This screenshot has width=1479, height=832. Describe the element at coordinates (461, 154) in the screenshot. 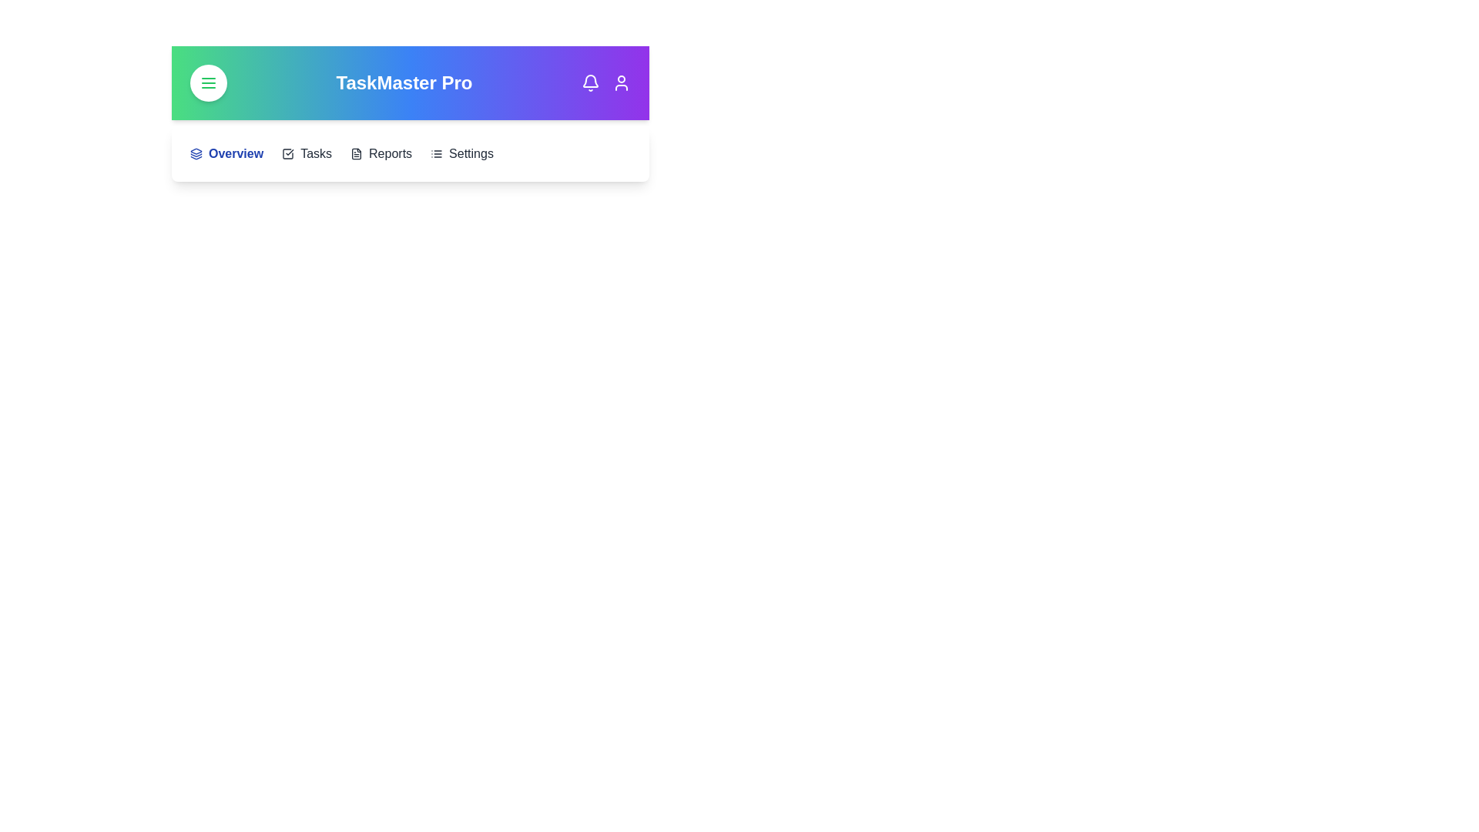

I see `the tab Settings from the navigation bar` at that location.